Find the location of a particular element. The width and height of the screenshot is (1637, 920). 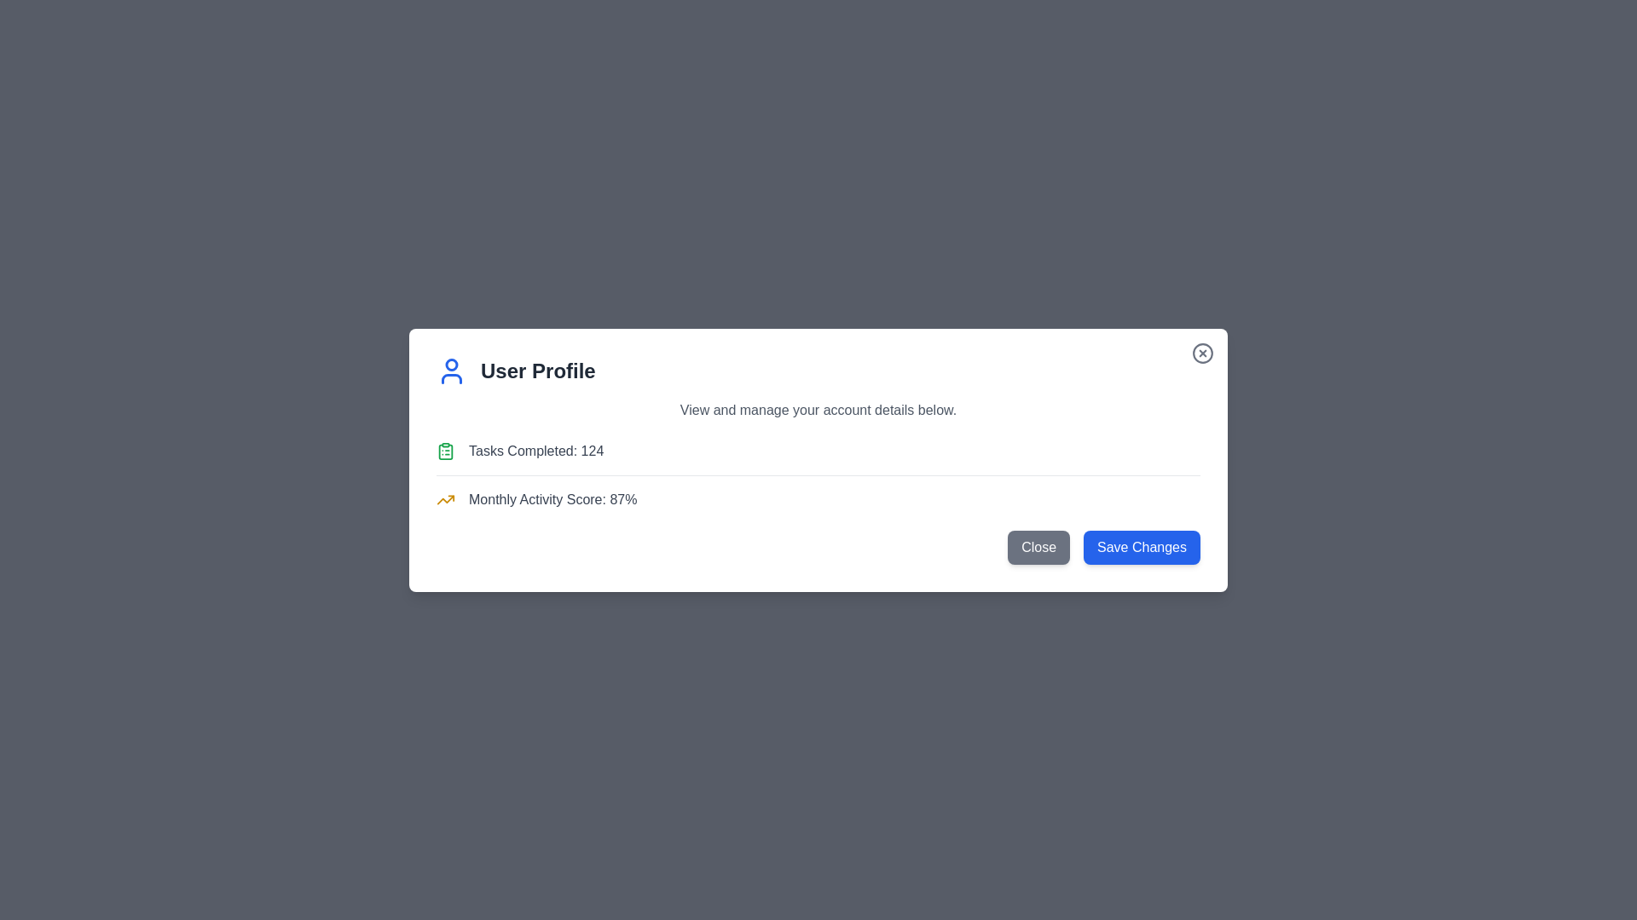

the upward-trending yellow arrow icon located left of the text 'Monthly Activity Score: 87%' in the user profile section is located at coordinates (446, 498).